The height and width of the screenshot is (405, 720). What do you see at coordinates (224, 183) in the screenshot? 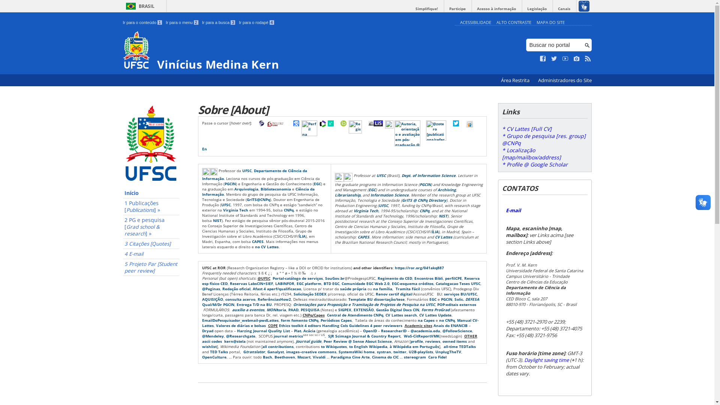
I see `'PGCIN'` at bounding box center [224, 183].